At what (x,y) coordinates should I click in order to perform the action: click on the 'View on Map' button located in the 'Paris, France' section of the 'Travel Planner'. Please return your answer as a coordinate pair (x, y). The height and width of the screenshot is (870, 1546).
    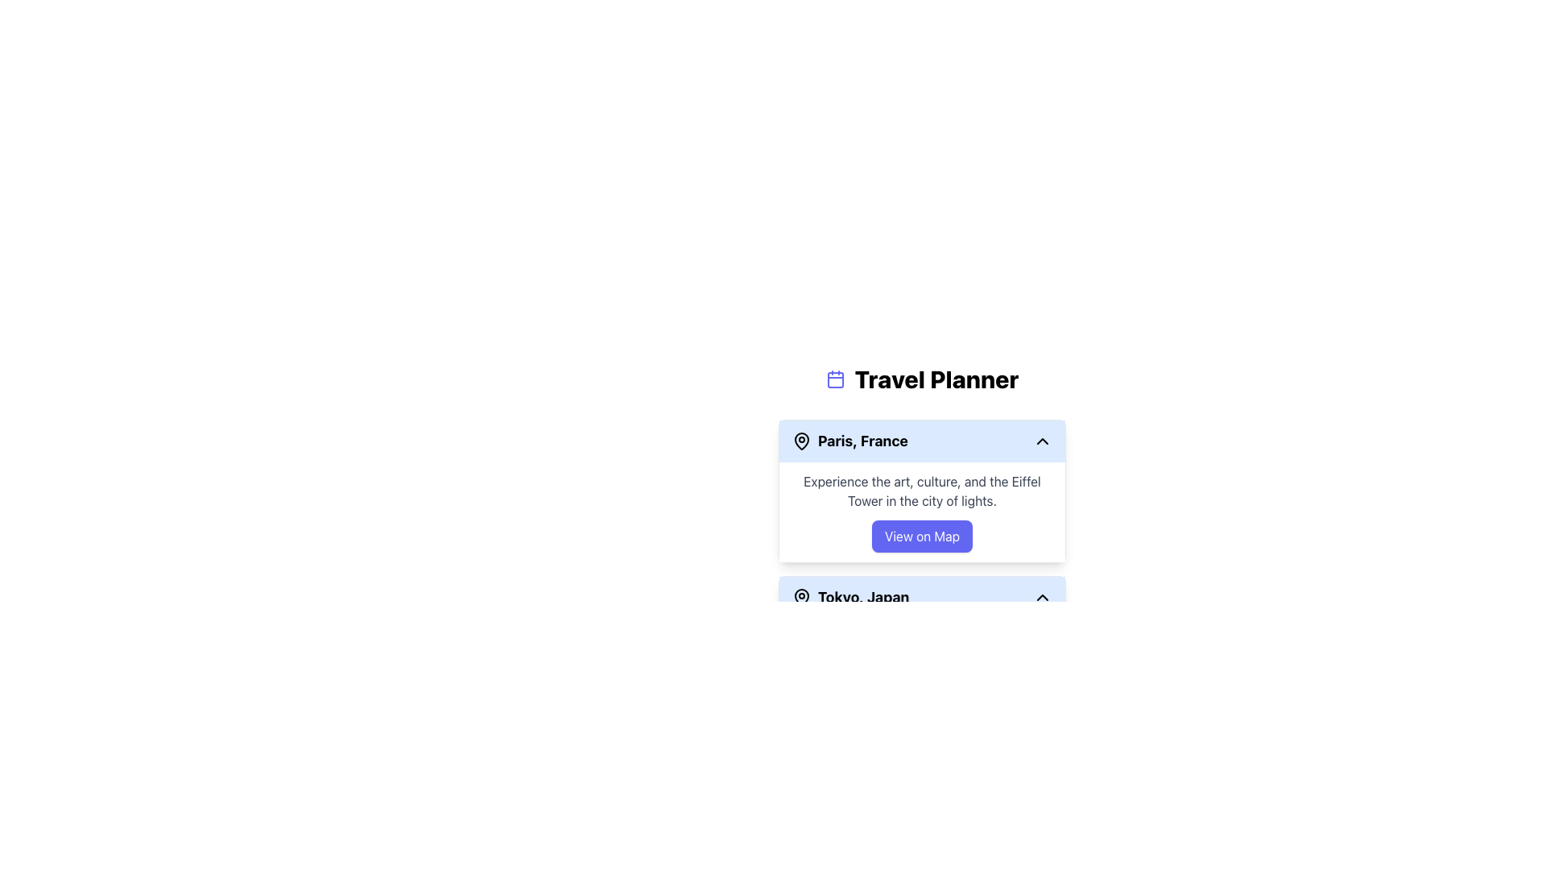
    Looking at the image, I should click on (922, 536).